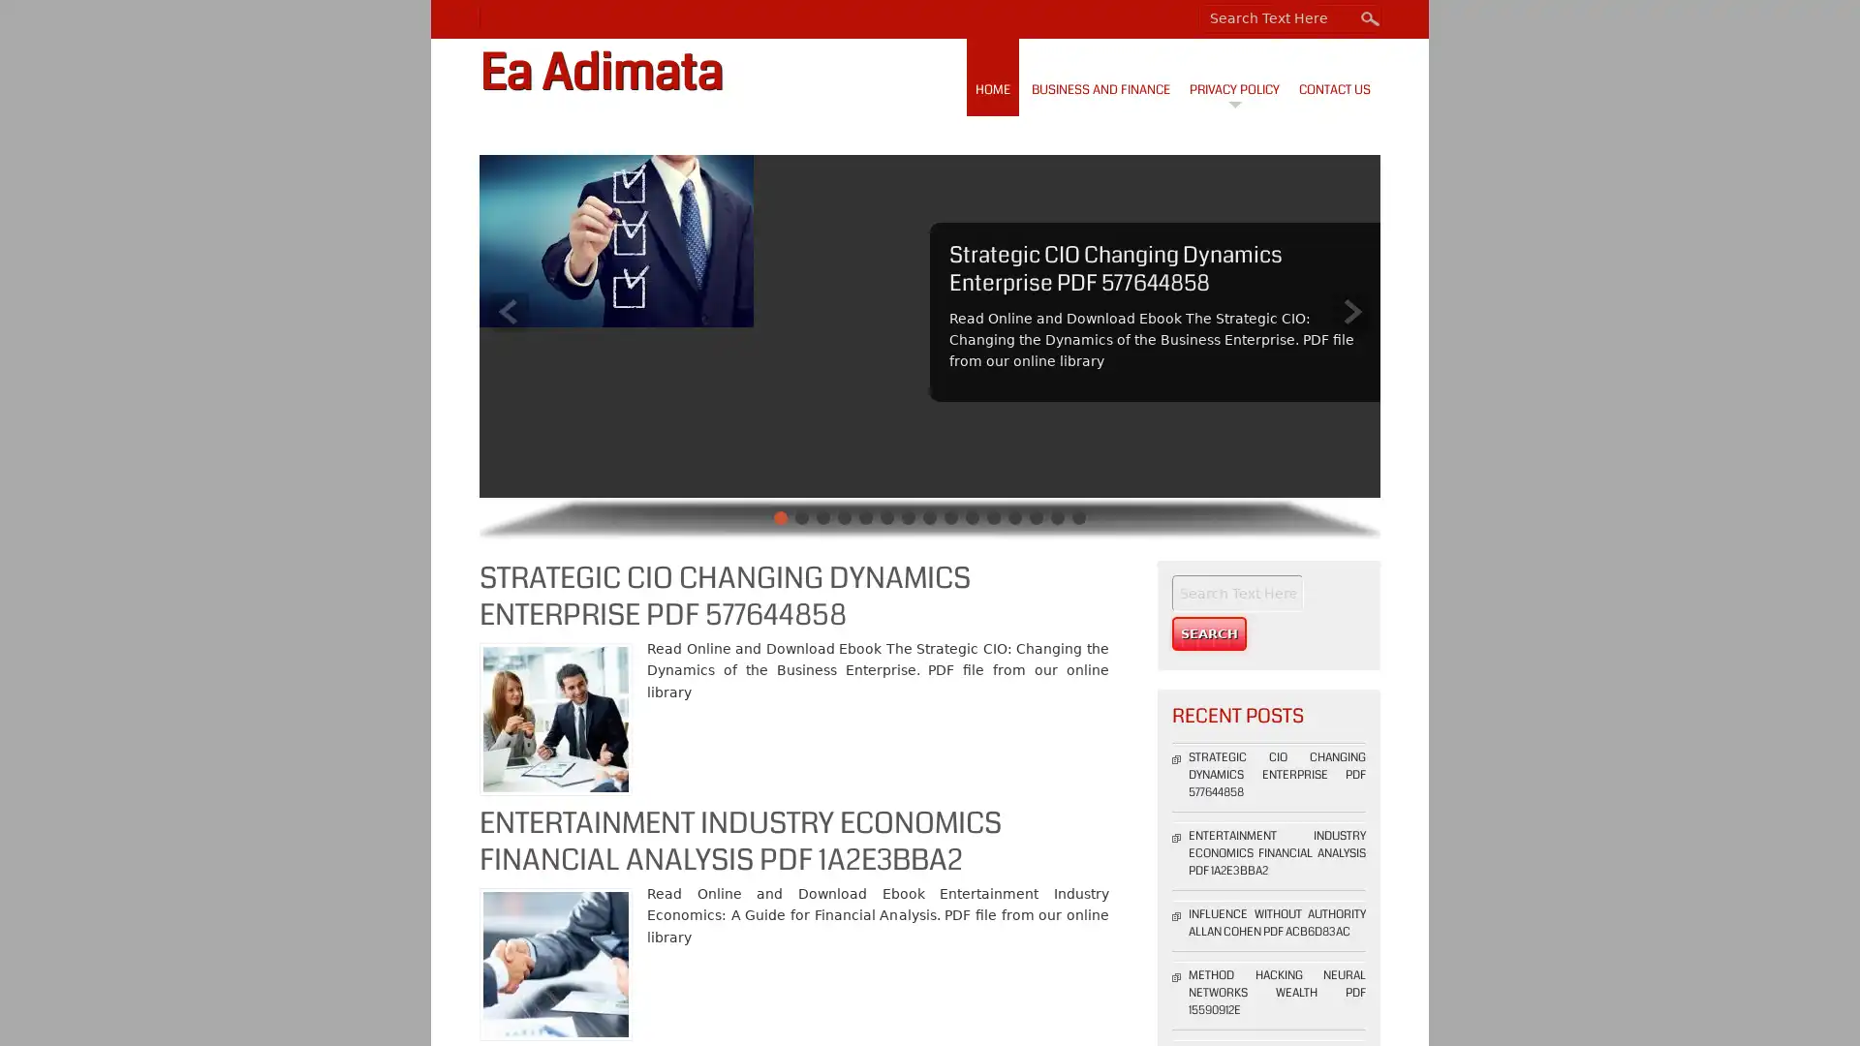 The width and height of the screenshot is (1860, 1046). What do you see at coordinates (1208, 633) in the screenshot?
I see `Search` at bounding box center [1208, 633].